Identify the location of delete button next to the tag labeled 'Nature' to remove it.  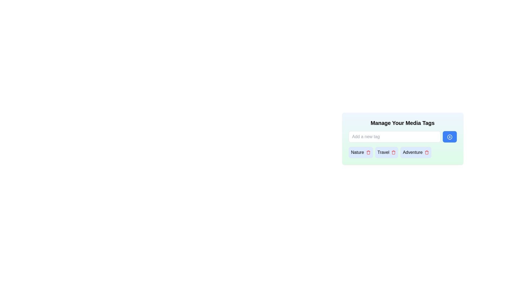
(368, 152).